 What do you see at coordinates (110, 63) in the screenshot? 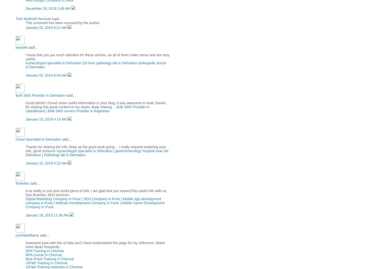
I see `'24 hour pathology lab in Dehradun'` at bounding box center [110, 63].